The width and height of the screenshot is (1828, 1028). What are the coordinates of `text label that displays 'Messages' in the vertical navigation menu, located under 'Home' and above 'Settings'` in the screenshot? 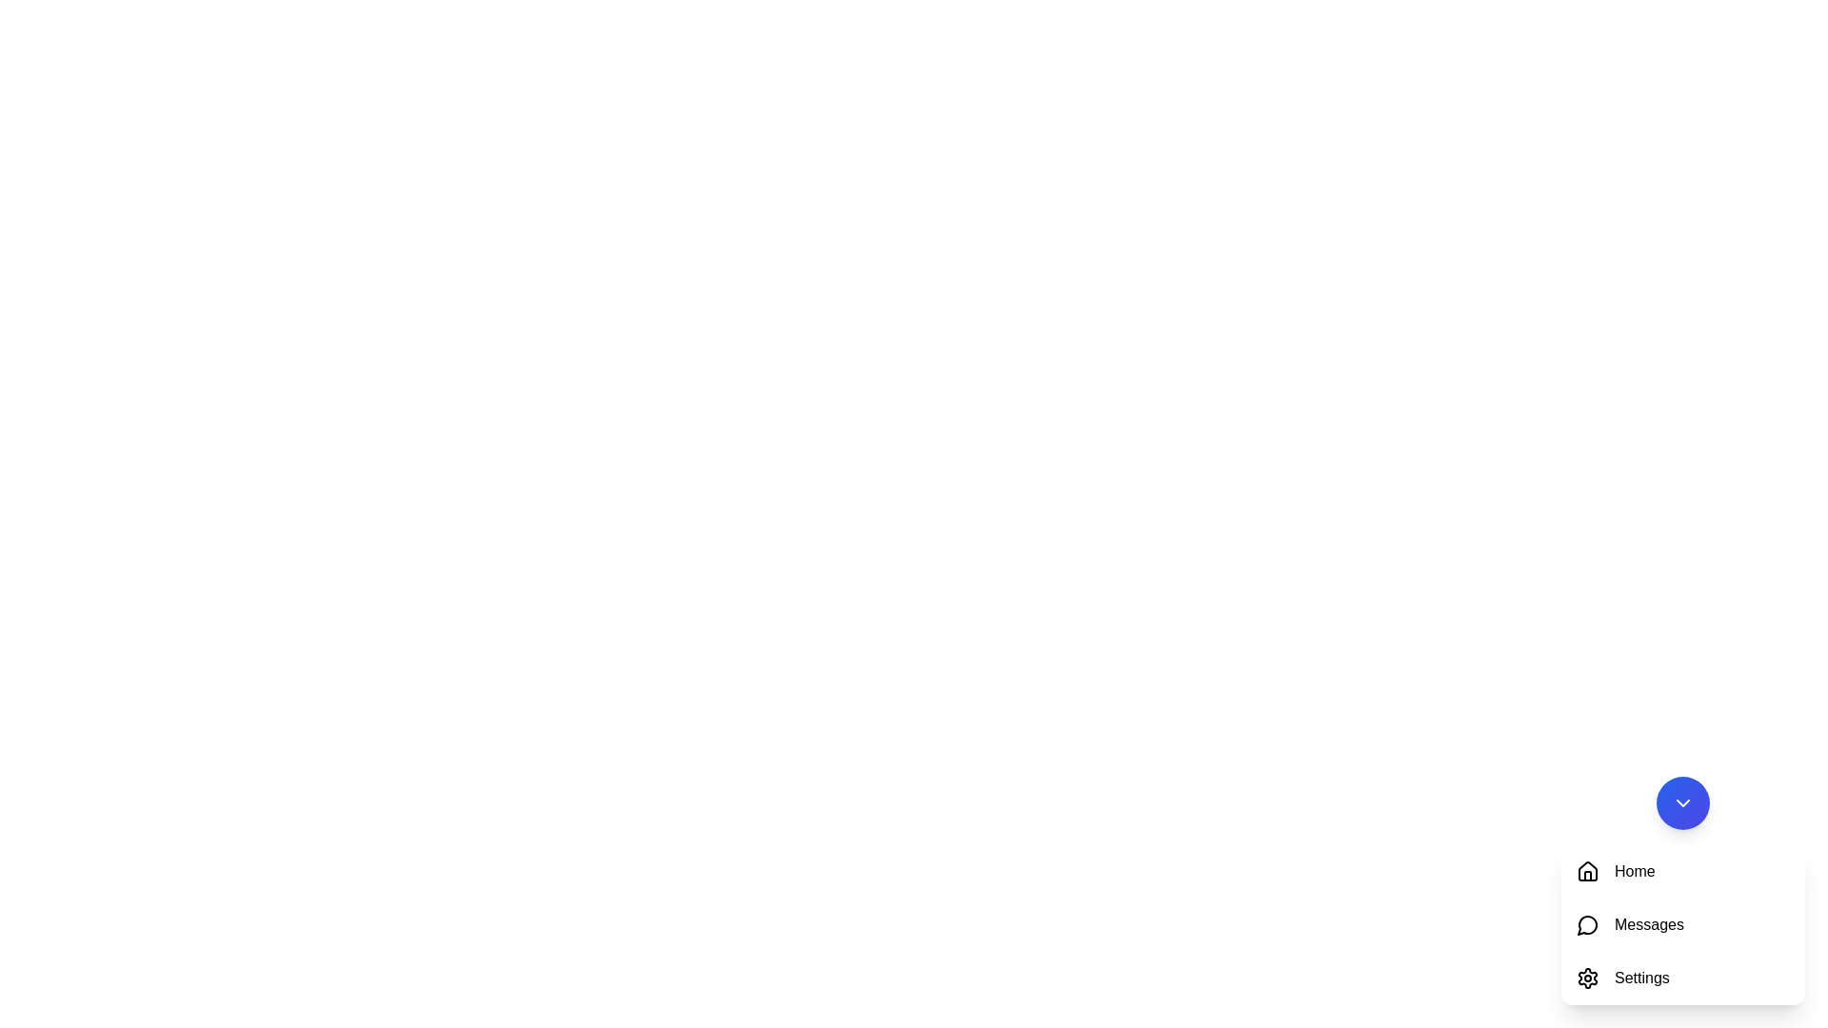 It's located at (1648, 924).